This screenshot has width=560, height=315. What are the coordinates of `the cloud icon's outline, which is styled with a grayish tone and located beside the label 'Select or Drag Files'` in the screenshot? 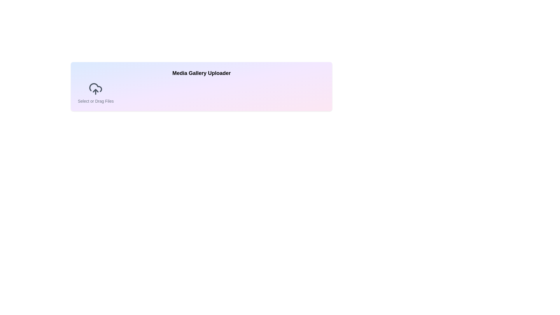 It's located at (96, 87).